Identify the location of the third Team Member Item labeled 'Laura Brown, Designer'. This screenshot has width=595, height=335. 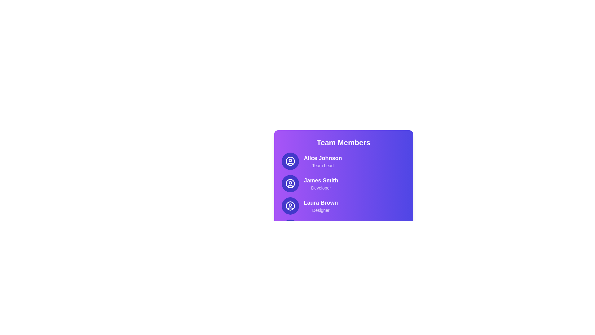
(343, 206).